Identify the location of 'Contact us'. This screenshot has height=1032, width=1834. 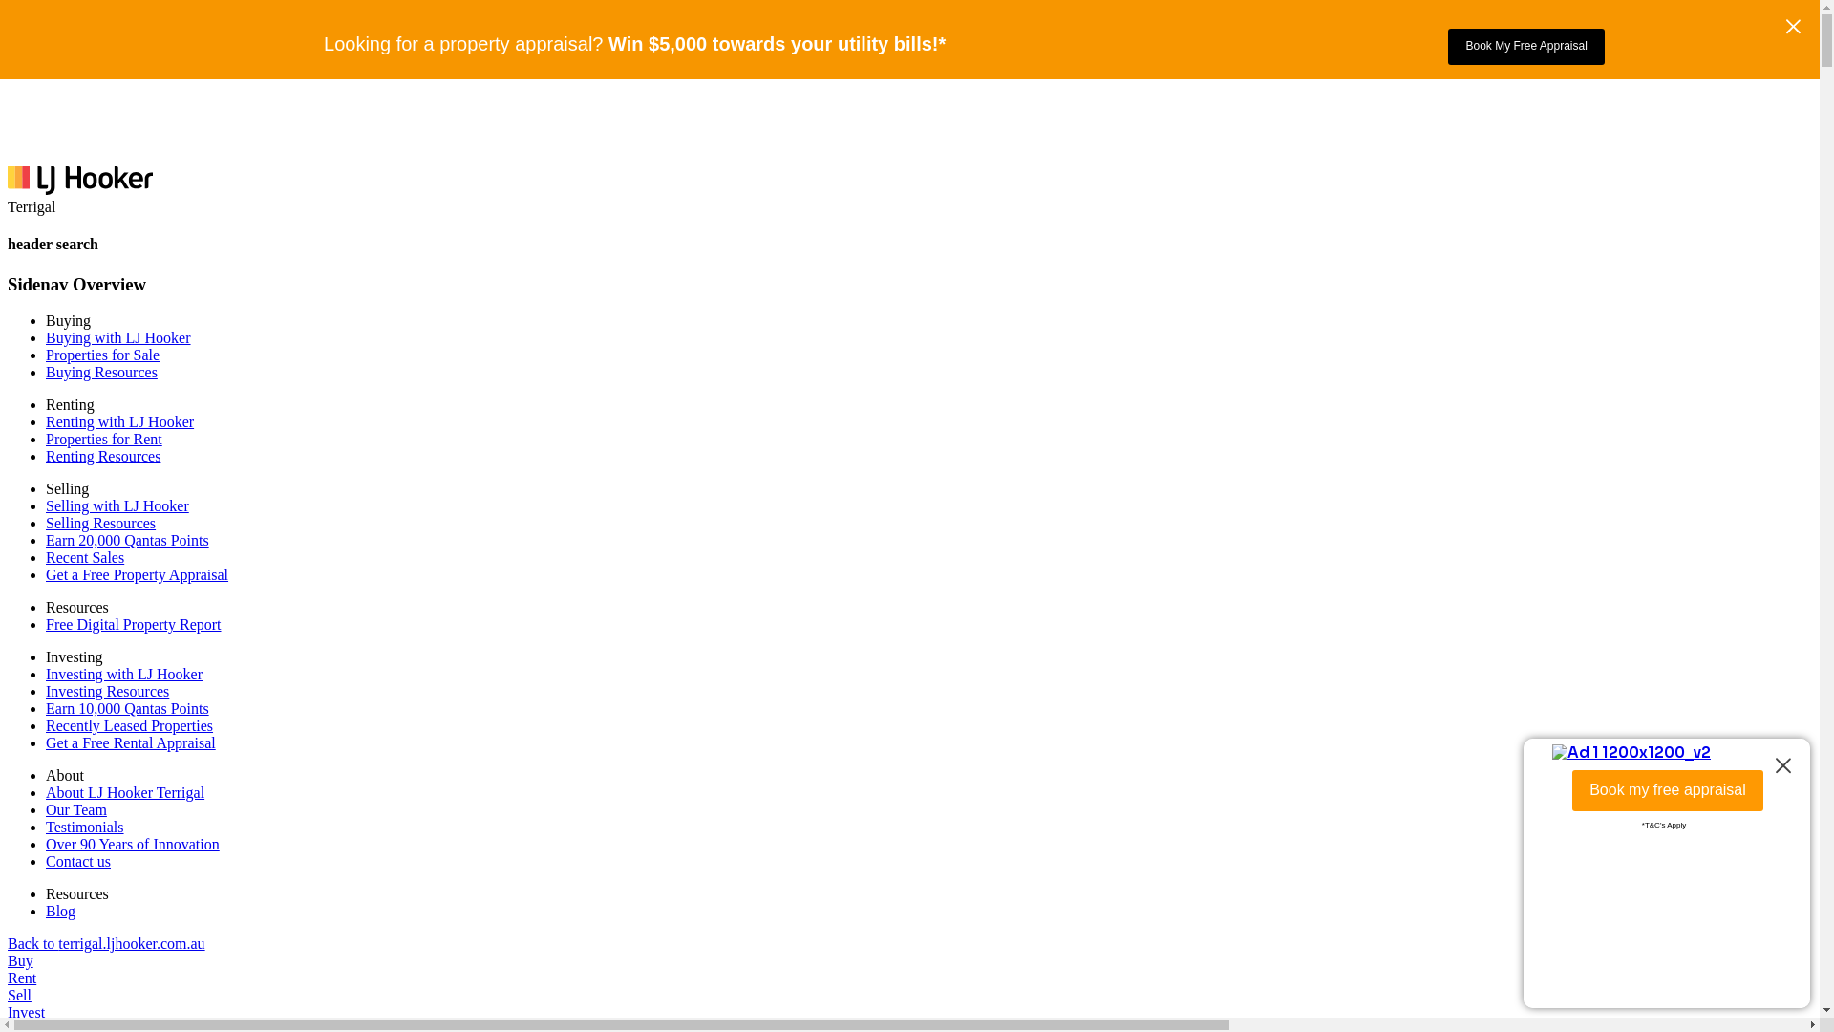
(76, 861).